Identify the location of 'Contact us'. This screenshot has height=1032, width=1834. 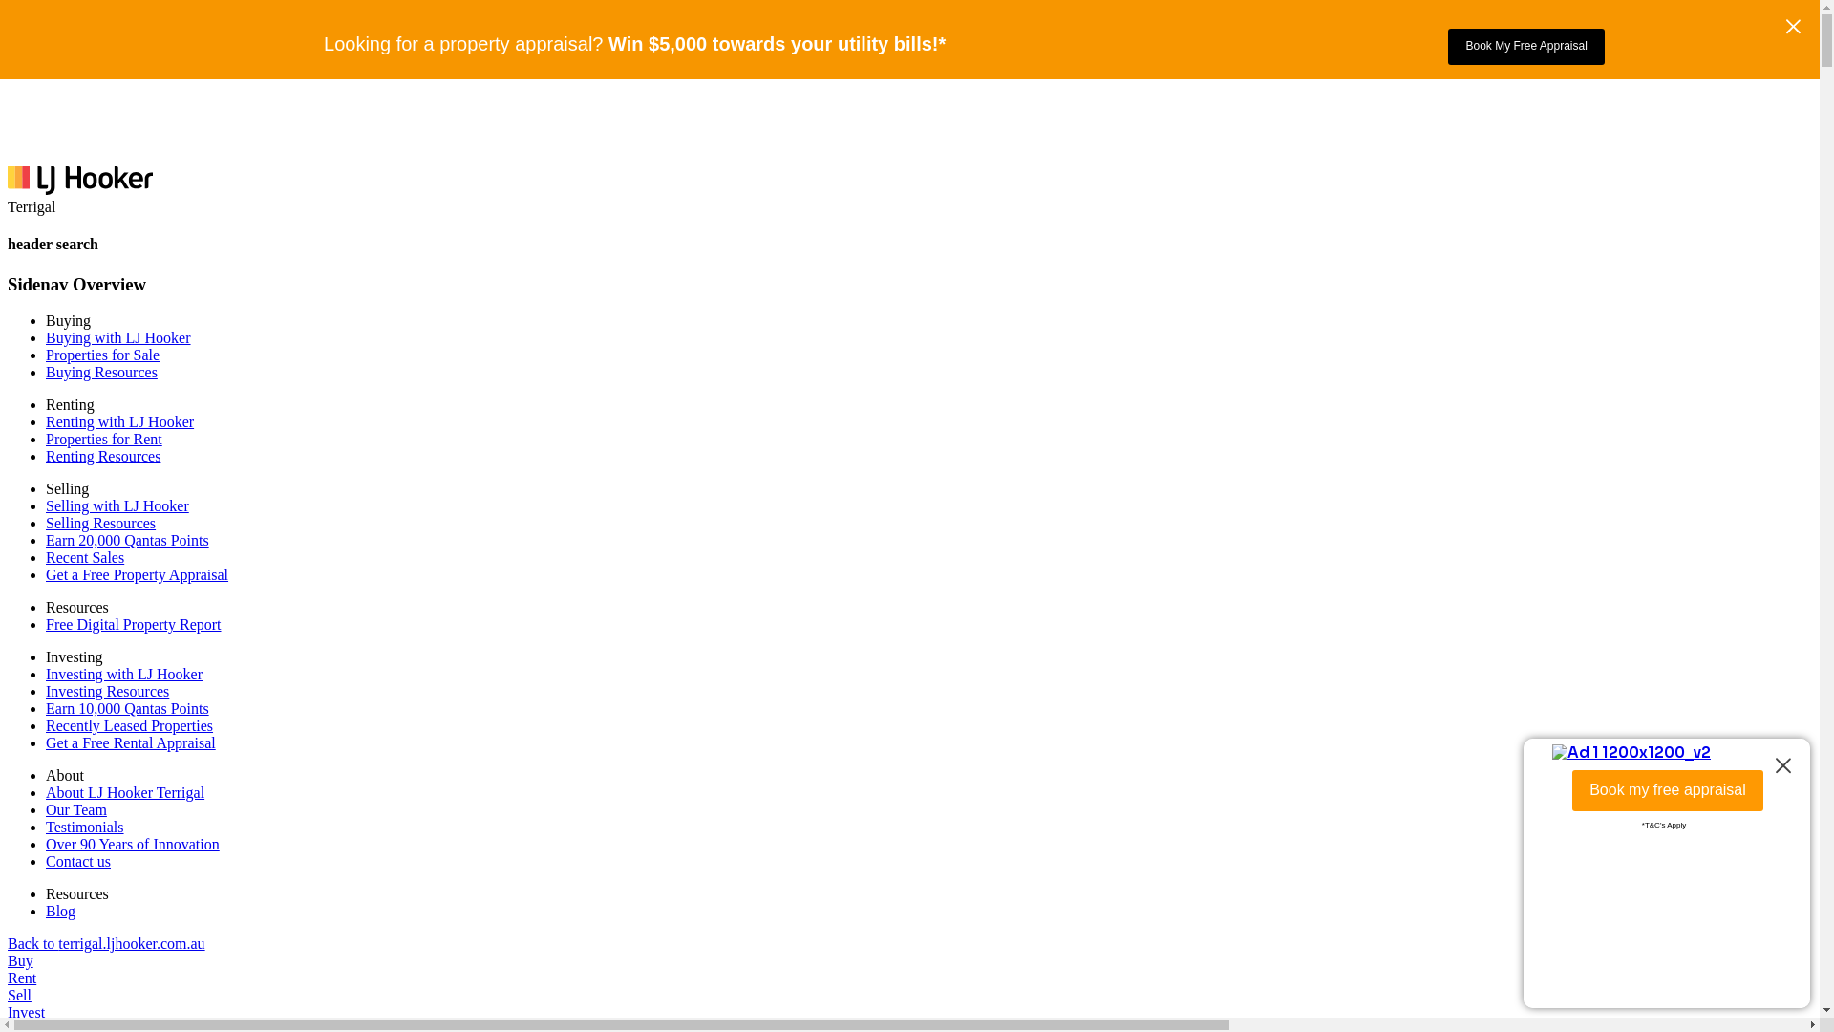
(76, 861).